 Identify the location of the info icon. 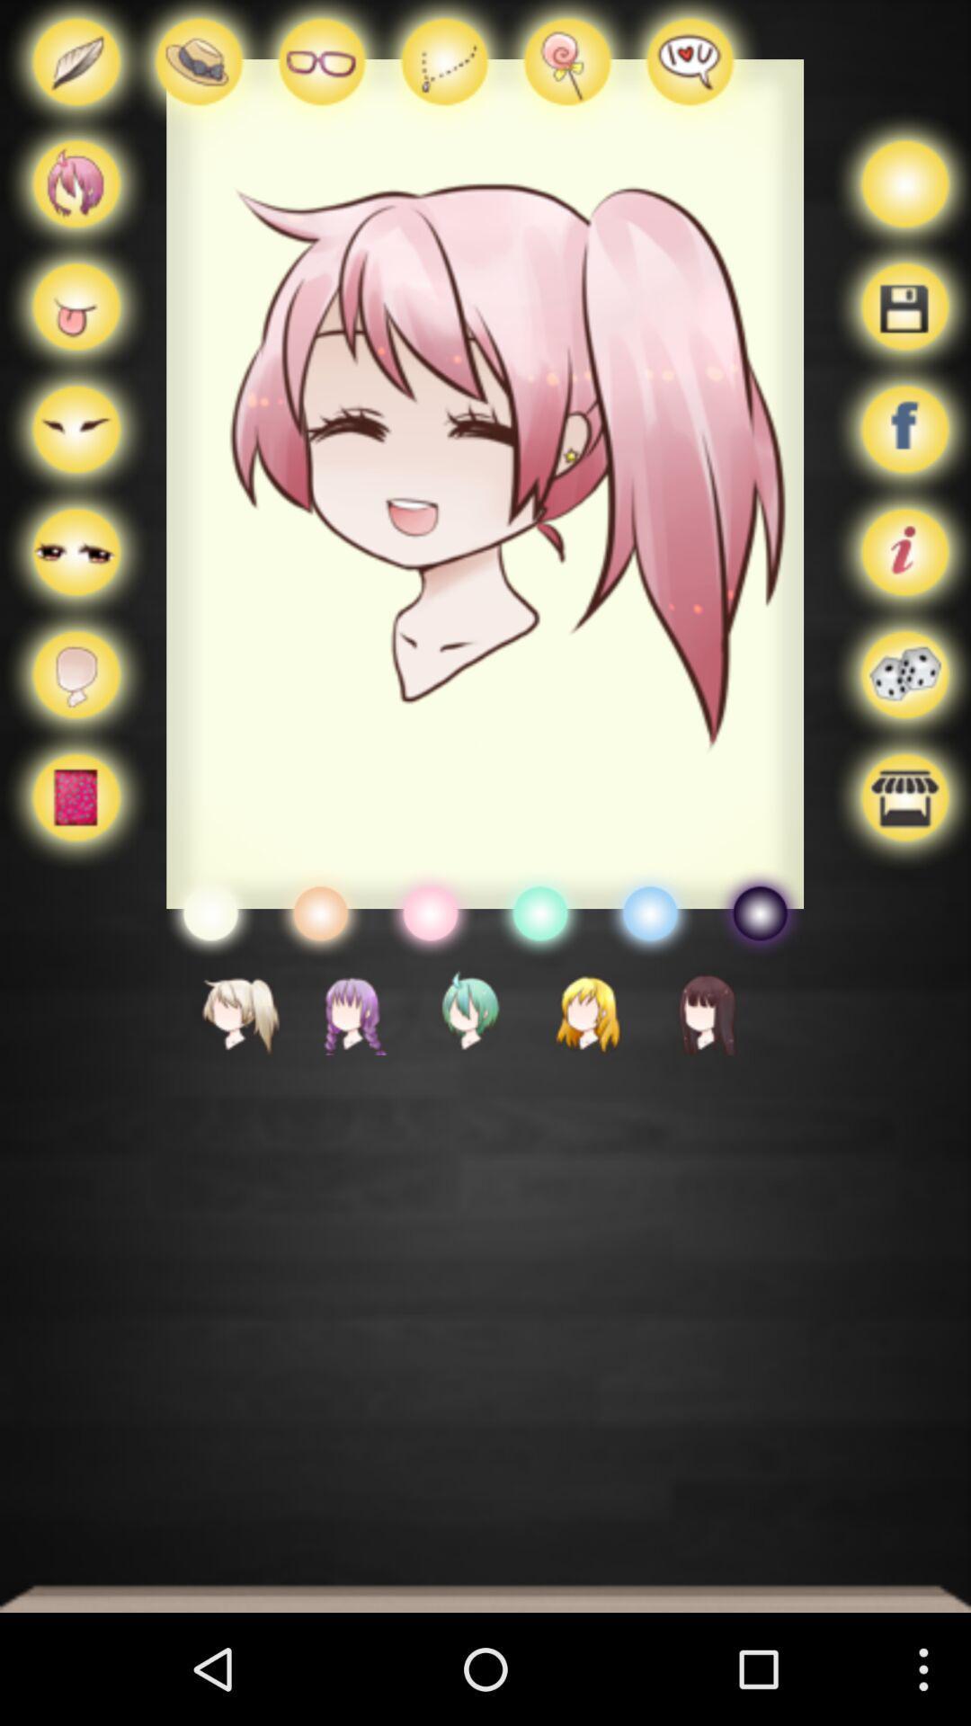
(899, 591).